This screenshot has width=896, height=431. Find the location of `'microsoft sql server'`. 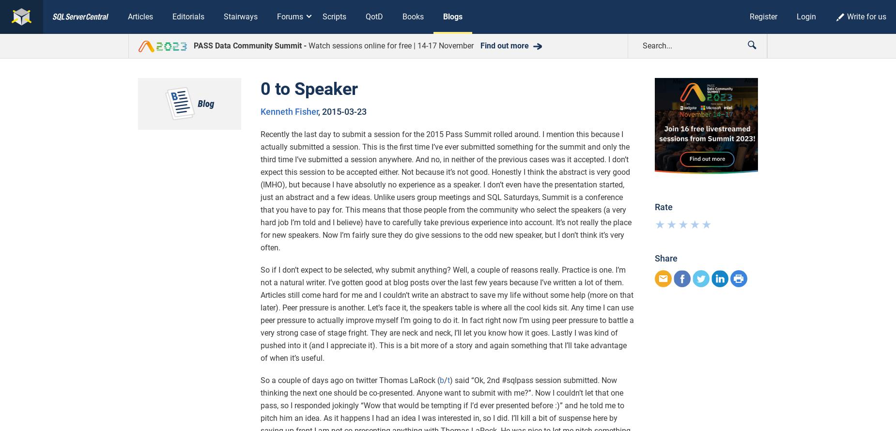

'microsoft sql server' is located at coordinates (260, 166).